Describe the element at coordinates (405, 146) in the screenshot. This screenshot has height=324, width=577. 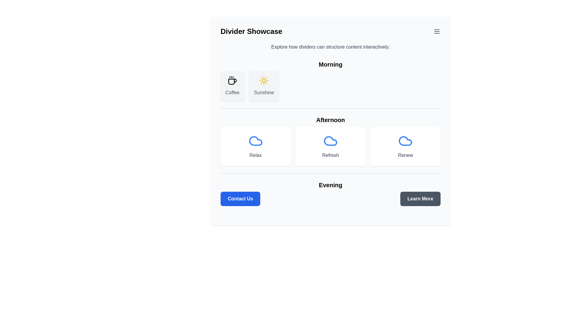
I see `the rectangular card with a blue cloud icon and 'Renew' text, which is the third card in the horizontal grid layout within the 'Afternoon' section` at that location.